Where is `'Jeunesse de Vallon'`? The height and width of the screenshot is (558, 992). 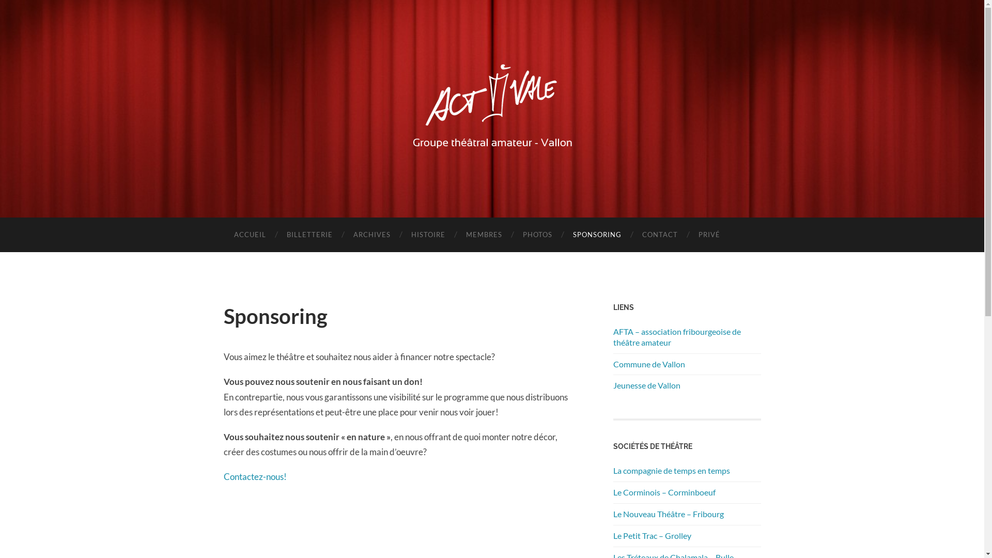
'Jeunesse de Vallon' is located at coordinates (646, 385).